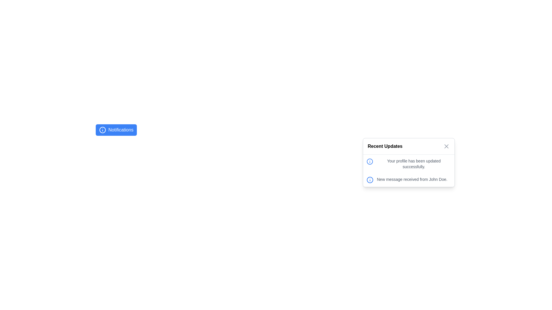 This screenshot has height=310, width=552. Describe the element at coordinates (370, 180) in the screenshot. I see `the blue circular icon with a white fill, resembling an info or alert icon, located` at that location.